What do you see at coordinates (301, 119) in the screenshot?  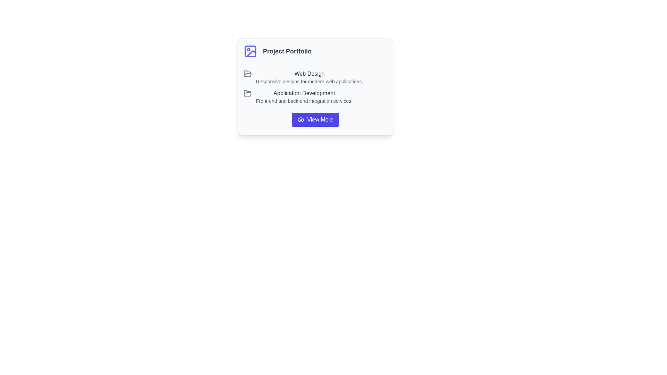 I see `the outline of the eye icon in the SVG component located within the 'Project Portfolio' card element` at bounding box center [301, 119].